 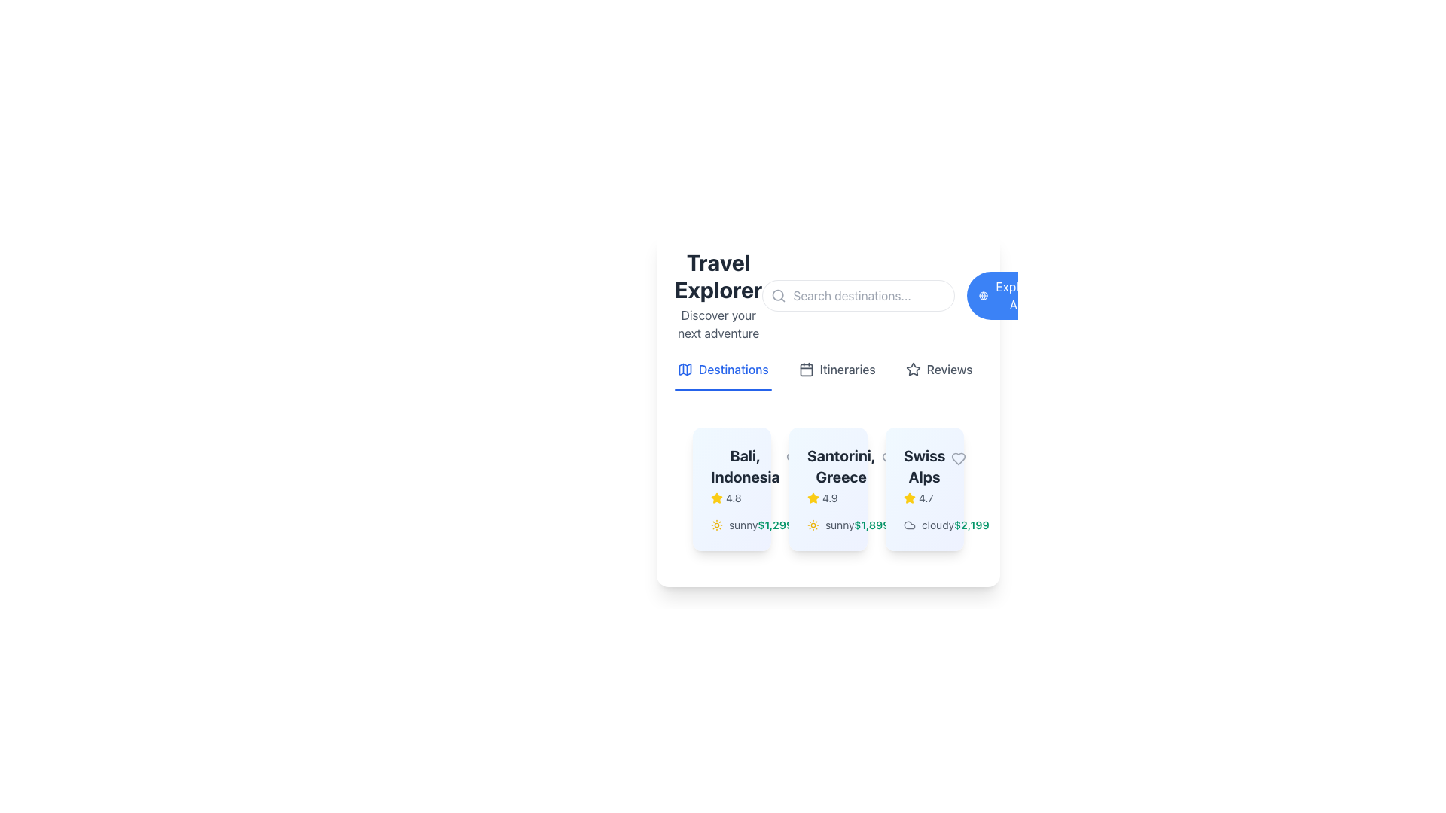 What do you see at coordinates (685, 369) in the screenshot?
I see `the map icon located in the 'Destinations' navigation tab` at bounding box center [685, 369].